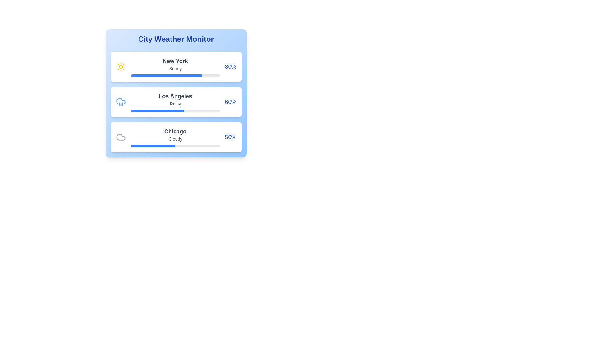 The height and width of the screenshot is (339, 603). What do you see at coordinates (175, 69) in the screenshot?
I see `the text label displaying 'Sunny', which is styled with a small-sized, gray-colored font and positioned below 'New York' in the weather monitoring interface` at bounding box center [175, 69].